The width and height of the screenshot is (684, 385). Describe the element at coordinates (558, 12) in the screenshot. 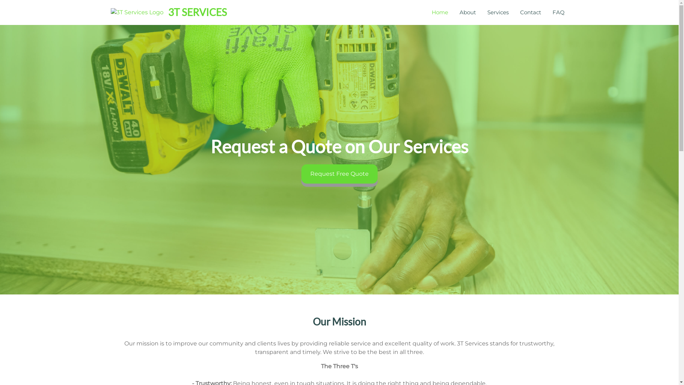

I see `'FAQ'` at that location.